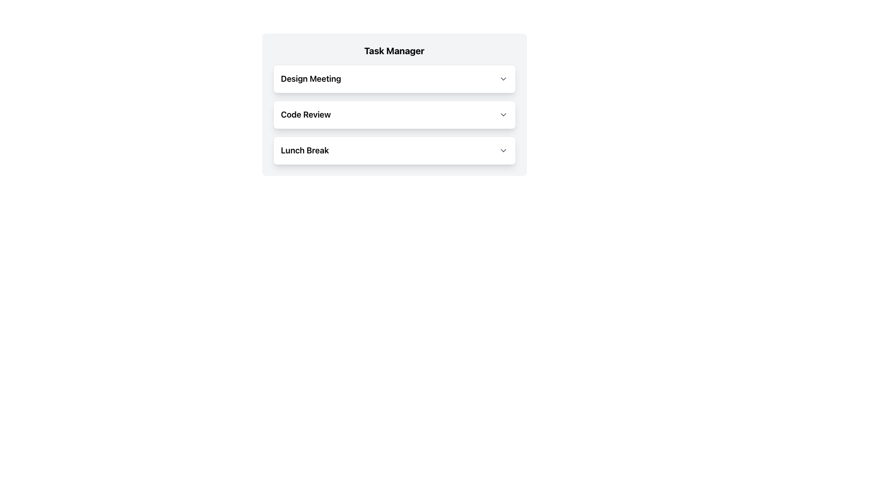 Image resolution: width=882 pixels, height=496 pixels. What do you see at coordinates (503, 150) in the screenshot?
I see `the downward-pointing chevron icon at the end of the 'Lunch Break' dropdown row` at bounding box center [503, 150].